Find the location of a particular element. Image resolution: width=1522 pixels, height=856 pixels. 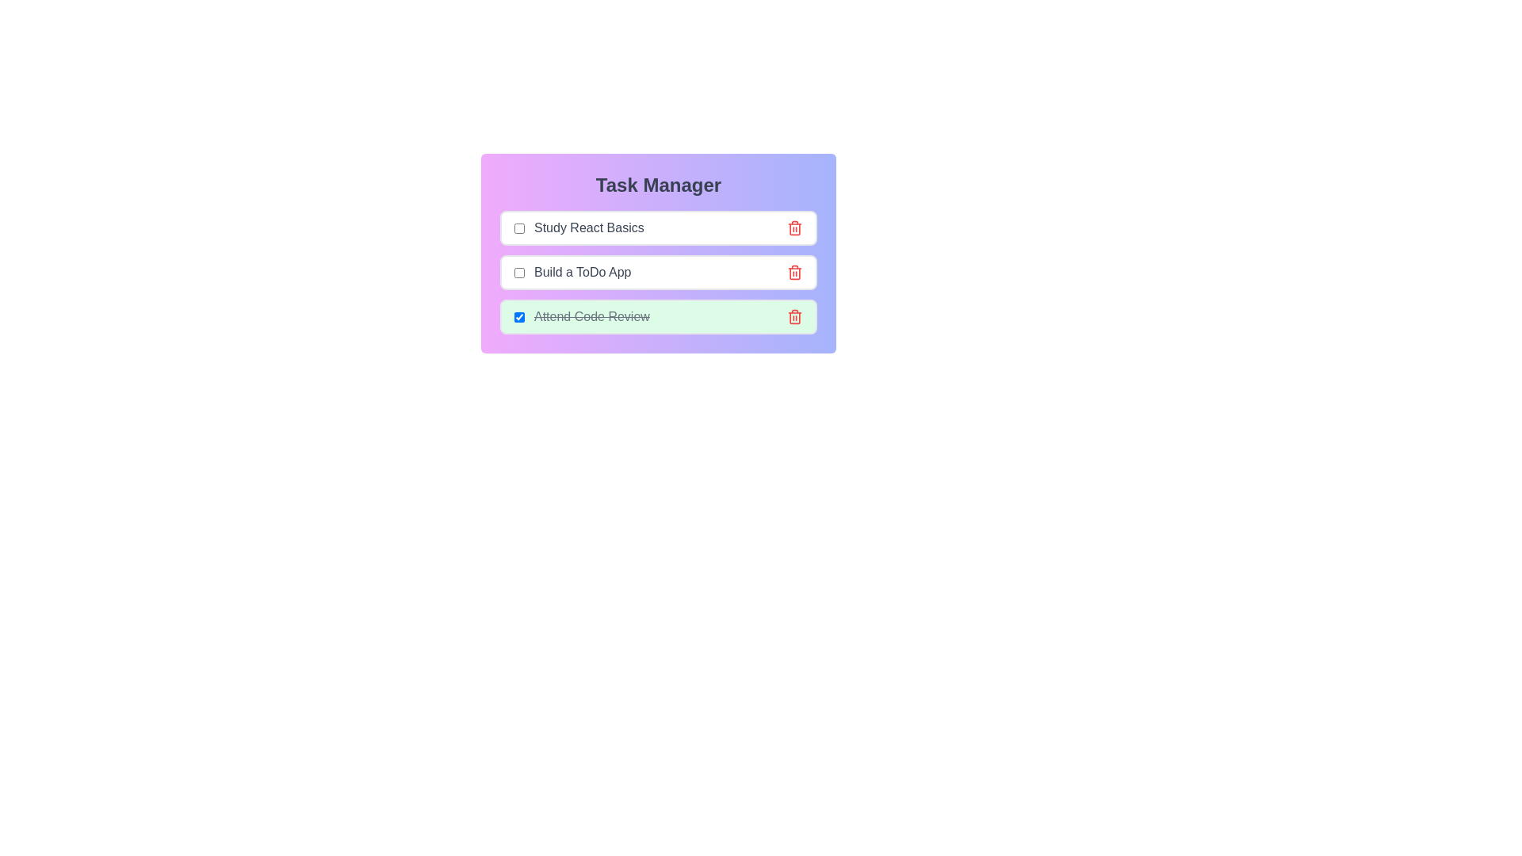

the delete button for the task titled Attend Code Review is located at coordinates (795, 317).